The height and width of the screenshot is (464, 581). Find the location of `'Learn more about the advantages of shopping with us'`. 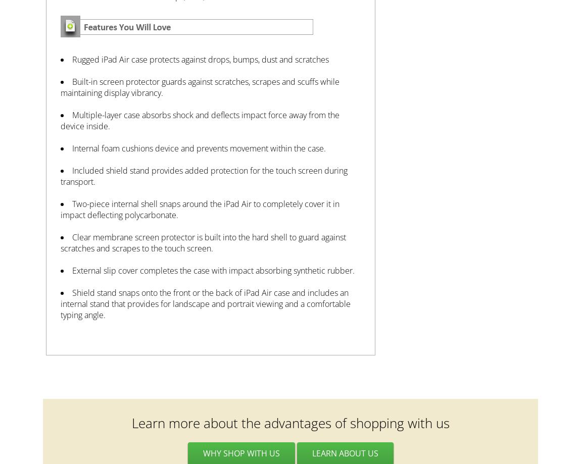

'Learn more about the advantages of shopping with us' is located at coordinates (131, 423).